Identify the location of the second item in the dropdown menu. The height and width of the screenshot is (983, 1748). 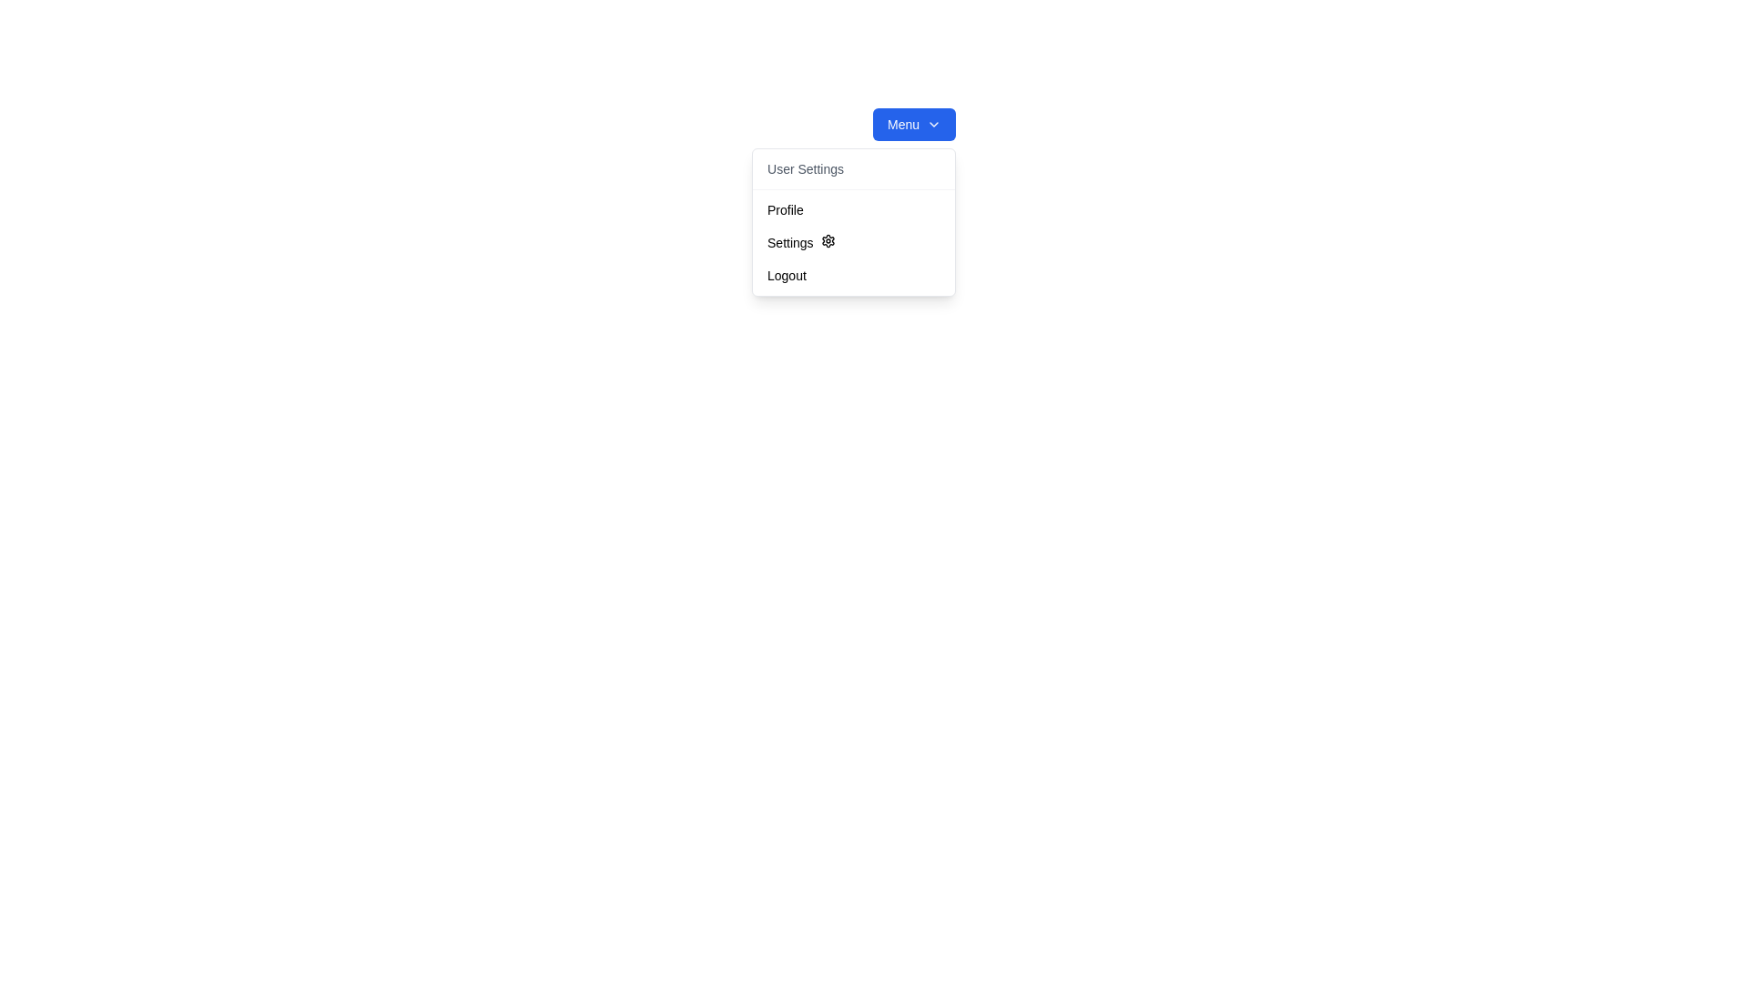
(853, 241).